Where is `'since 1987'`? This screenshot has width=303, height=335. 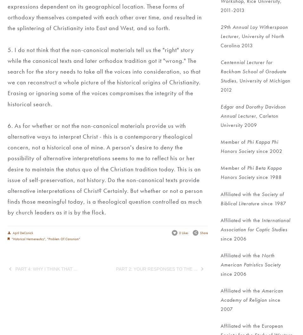
'since 1987' is located at coordinates (273, 203).